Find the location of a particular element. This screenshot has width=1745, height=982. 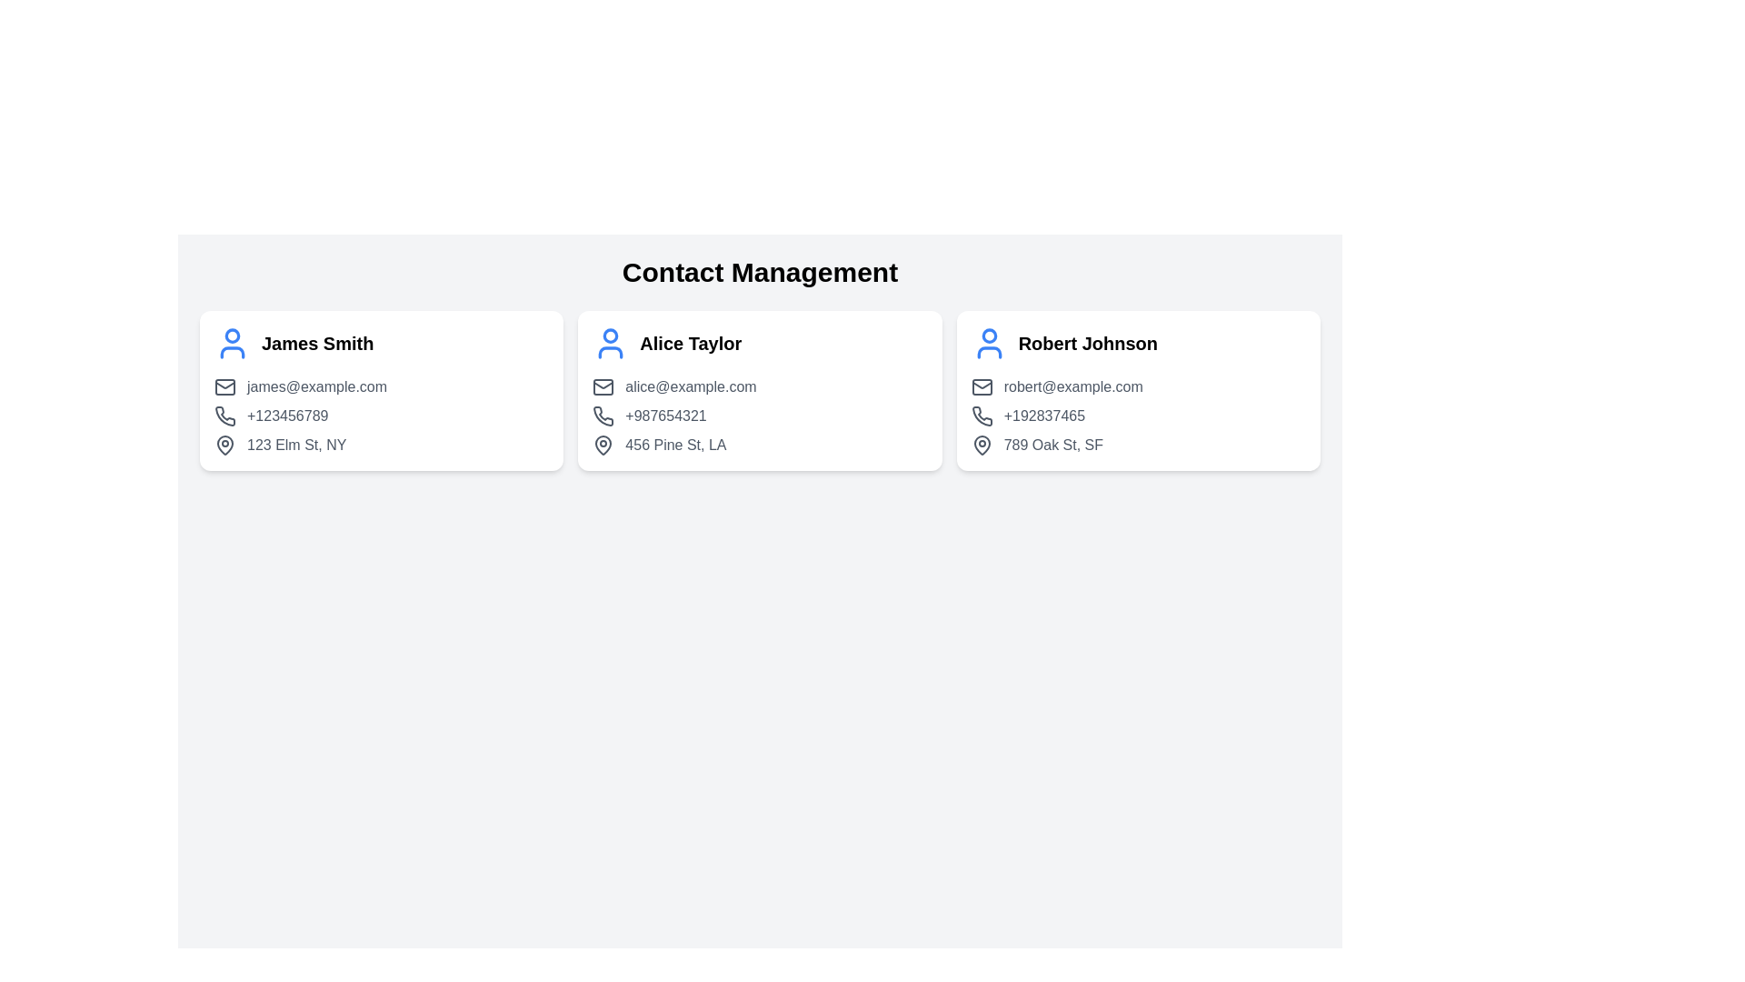

the Contact card for 'Alice Taylor', which is the second card in the grid layout, by clicking on it is located at coordinates (760, 389).